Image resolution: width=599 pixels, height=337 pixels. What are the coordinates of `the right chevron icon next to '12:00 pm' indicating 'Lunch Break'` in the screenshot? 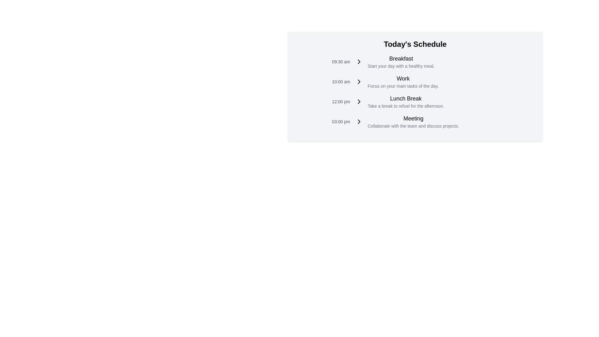 It's located at (359, 101).